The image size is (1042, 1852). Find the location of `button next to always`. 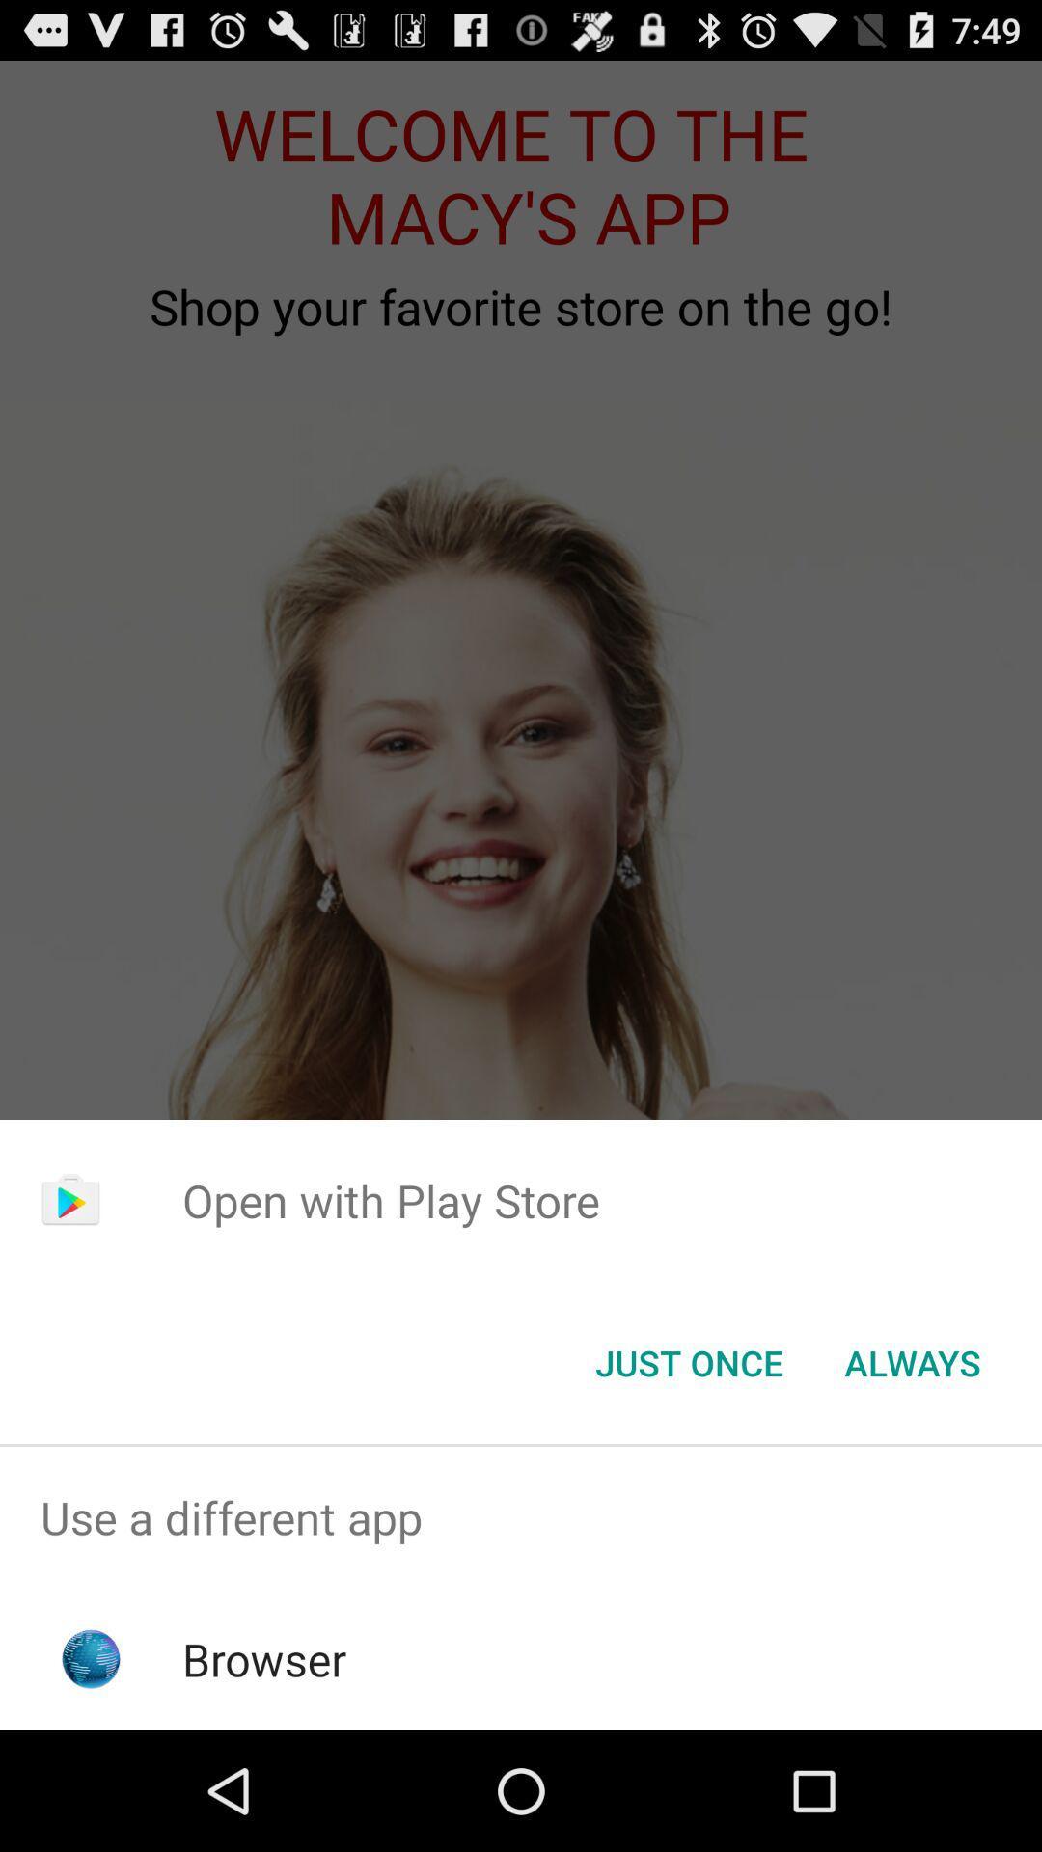

button next to always is located at coordinates (688, 1361).